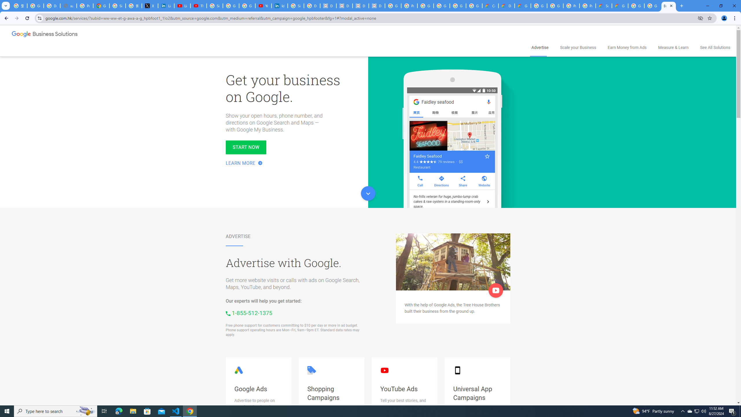 The image size is (741, 417). I want to click on 'Data Privacy Framework', so click(328, 6).